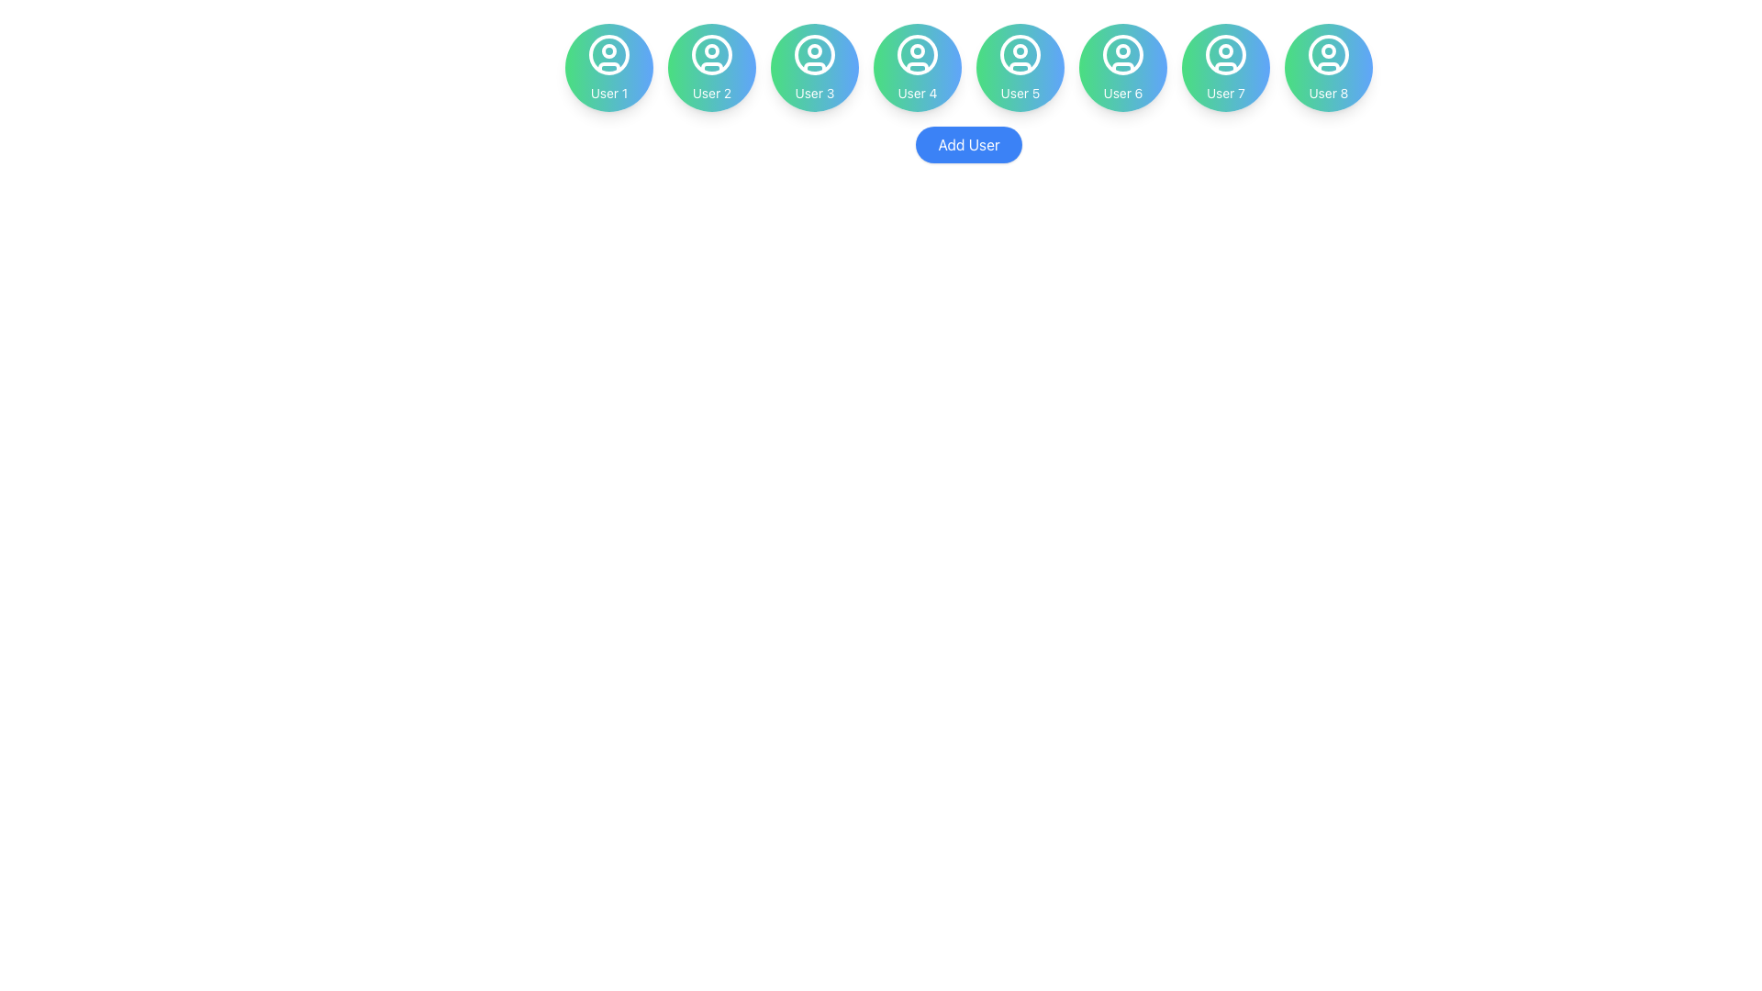  What do you see at coordinates (711, 54) in the screenshot?
I see `the circular user icon representing 'User 2', which has a white outline of a person on a gradient circle transitioning from green to blue` at bounding box center [711, 54].